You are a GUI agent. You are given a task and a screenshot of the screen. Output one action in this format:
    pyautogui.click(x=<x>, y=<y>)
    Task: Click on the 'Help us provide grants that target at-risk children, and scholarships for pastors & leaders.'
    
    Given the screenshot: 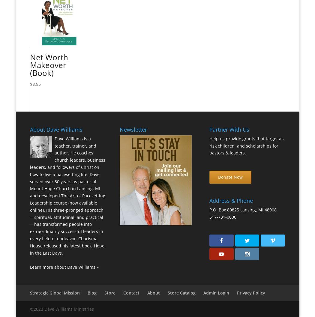 What is the action you would take?
    pyautogui.click(x=246, y=145)
    